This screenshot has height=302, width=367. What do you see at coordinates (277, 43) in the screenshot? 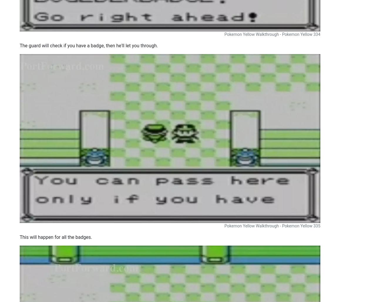
I see `'Port Forwarding for Call of Duty: Black Ops IIII'` at bounding box center [277, 43].